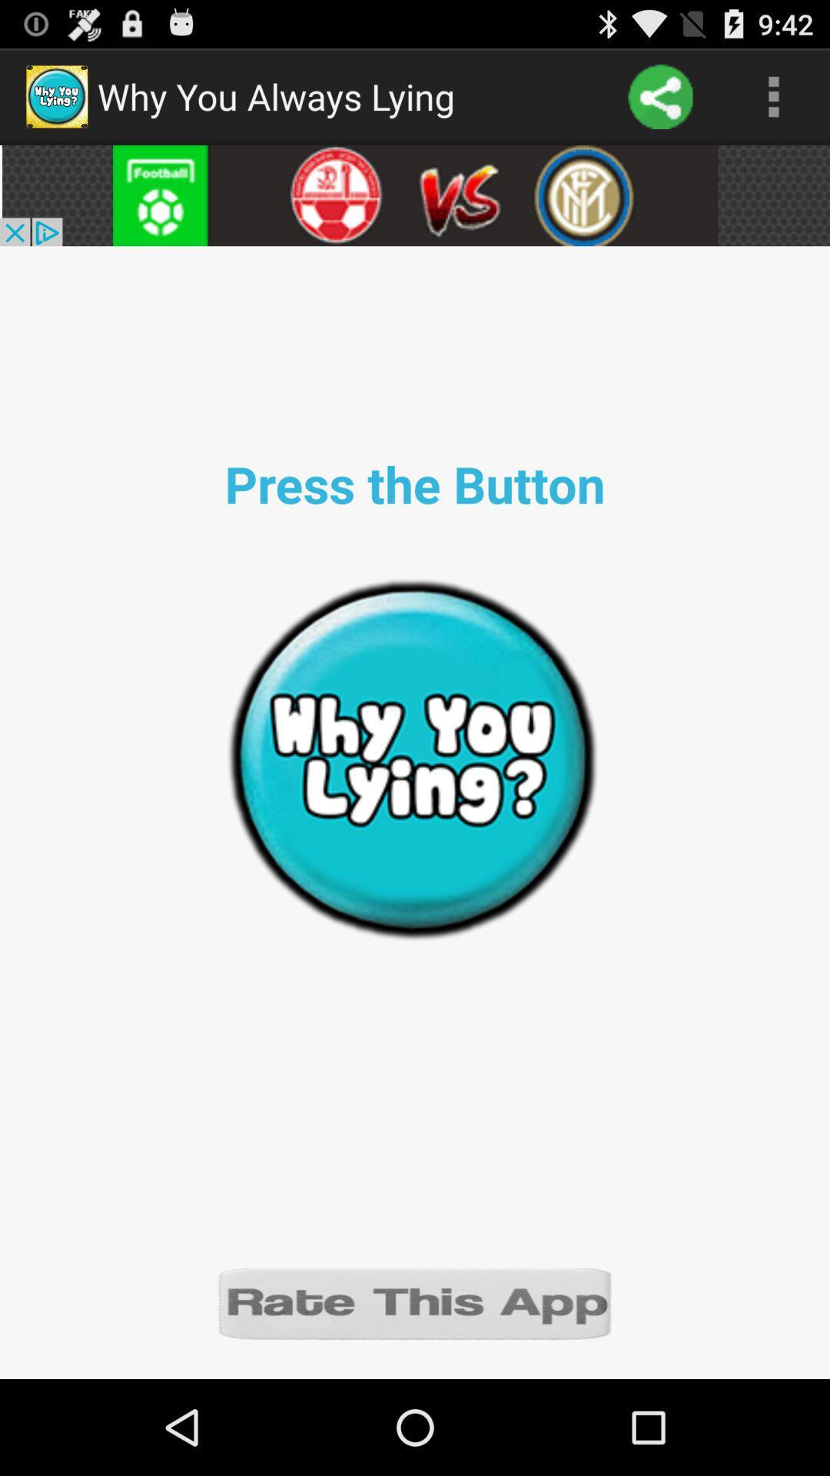 Image resolution: width=830 pixels, height=1476 pixels. Describe the element at coordinates (415, 194) in the screenshot. I see `advertisement` at that location.